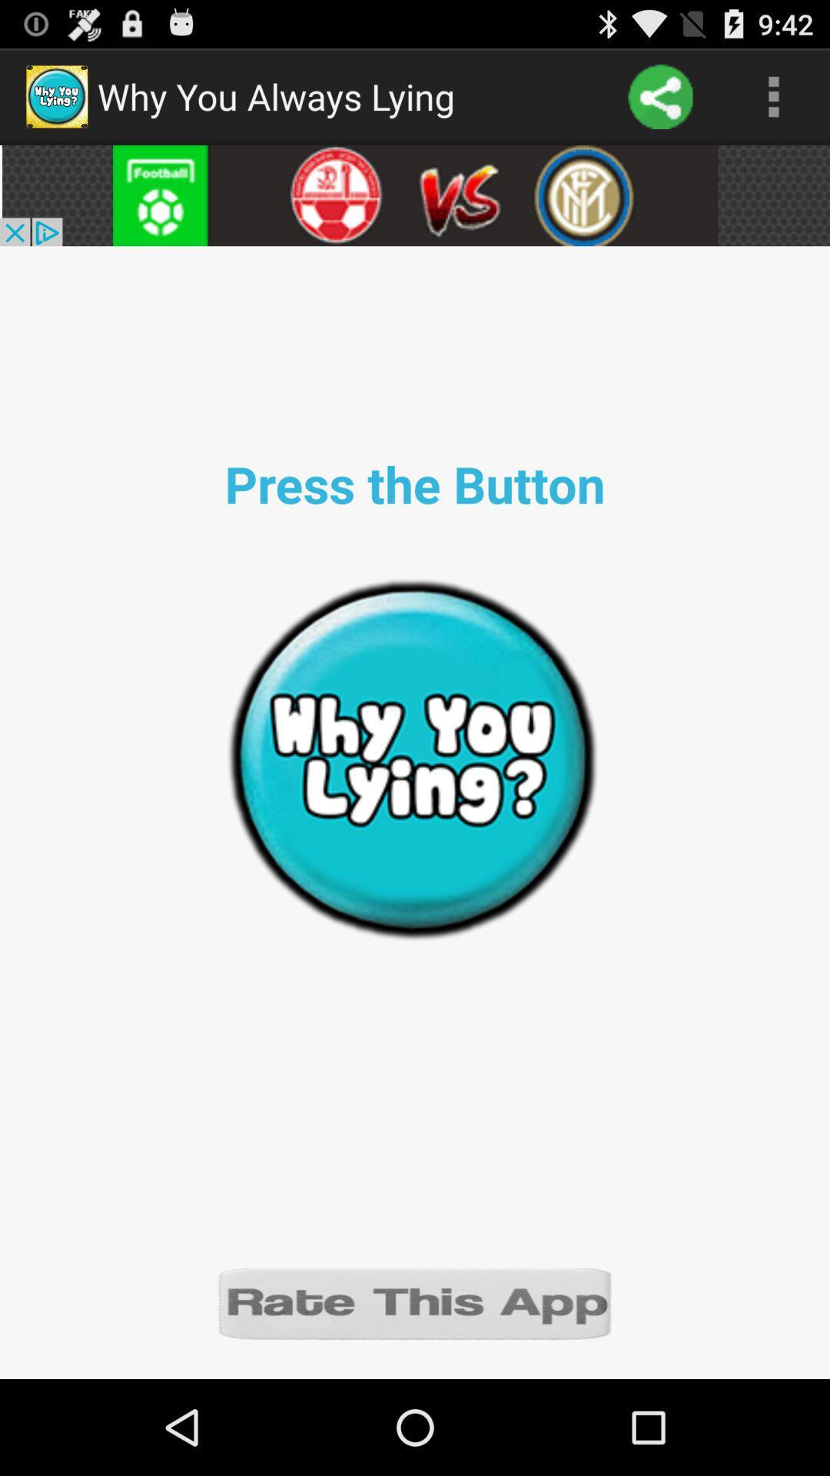 Image resolution: width=830 pixels, height=1476 pixels. Describe the element at coordinates (415, 194) in the screenshot. I see `advertisement` at that location.